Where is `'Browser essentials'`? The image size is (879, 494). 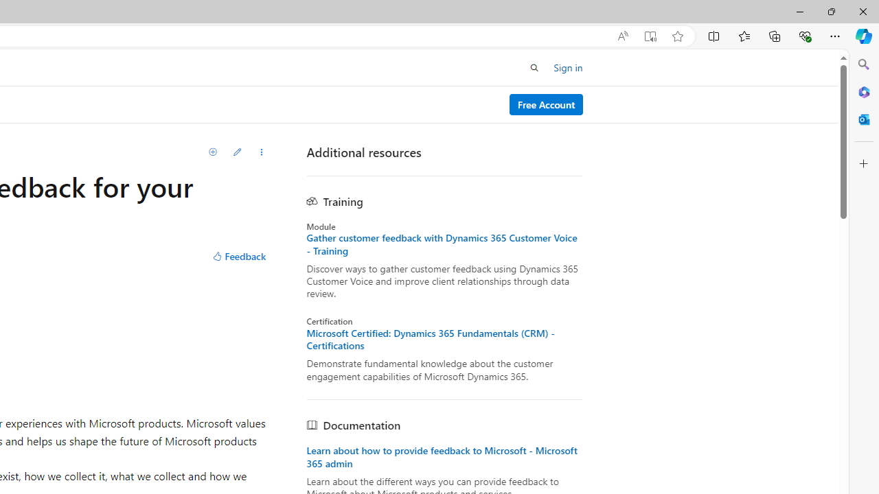 'Browser essentials' is located at coordinates (804, 35).